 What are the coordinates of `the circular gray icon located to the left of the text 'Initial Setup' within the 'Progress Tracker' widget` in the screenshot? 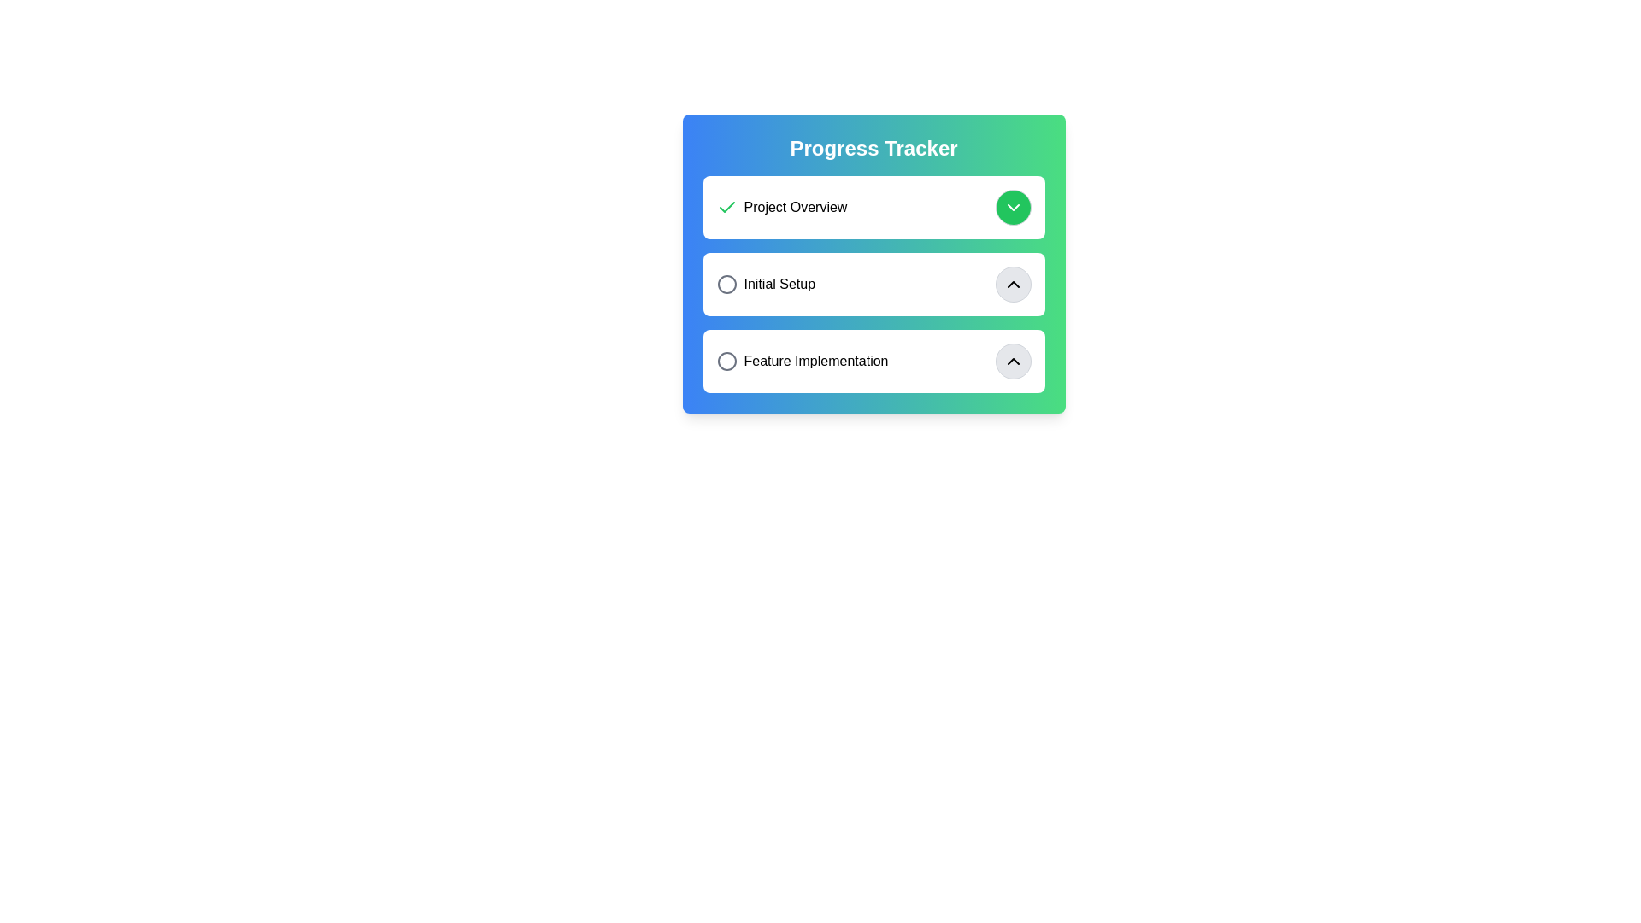 It's located at (726, 283).